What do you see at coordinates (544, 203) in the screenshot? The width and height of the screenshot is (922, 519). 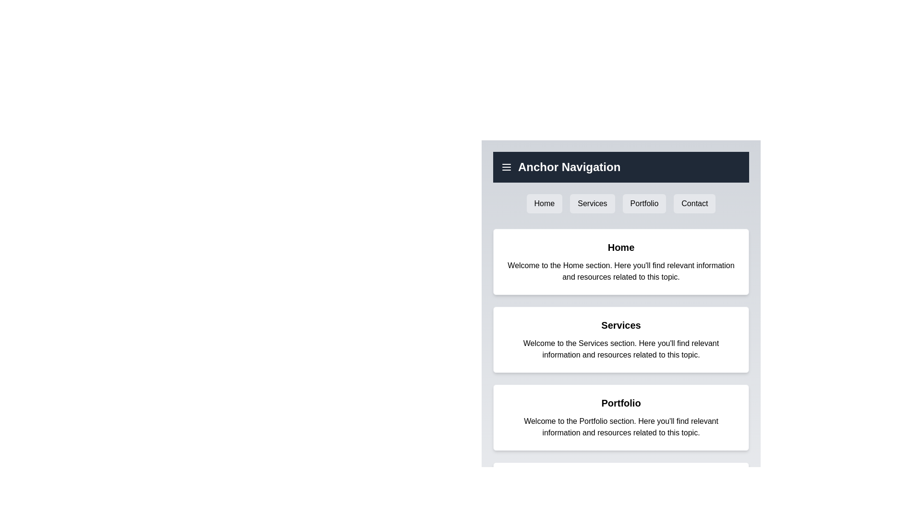 I see `the 'Home' button, which is the first item in the navigation bar at the top of the interface` at bounding box center [544, 203].